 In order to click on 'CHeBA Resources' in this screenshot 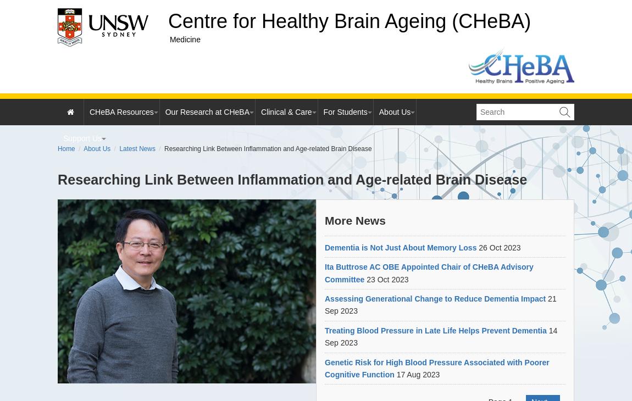, I will do `click(88, 112)`.